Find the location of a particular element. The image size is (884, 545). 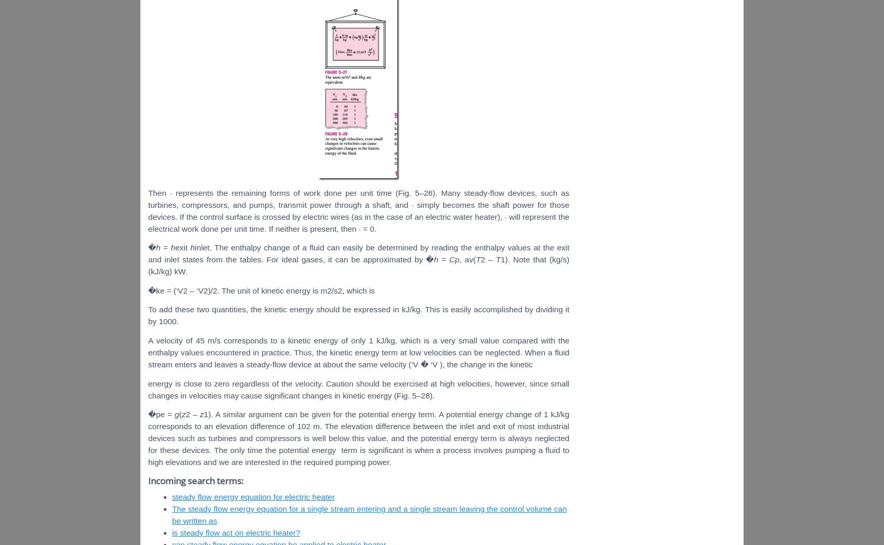

'simply becomes' is located at coordinates (447, 204).